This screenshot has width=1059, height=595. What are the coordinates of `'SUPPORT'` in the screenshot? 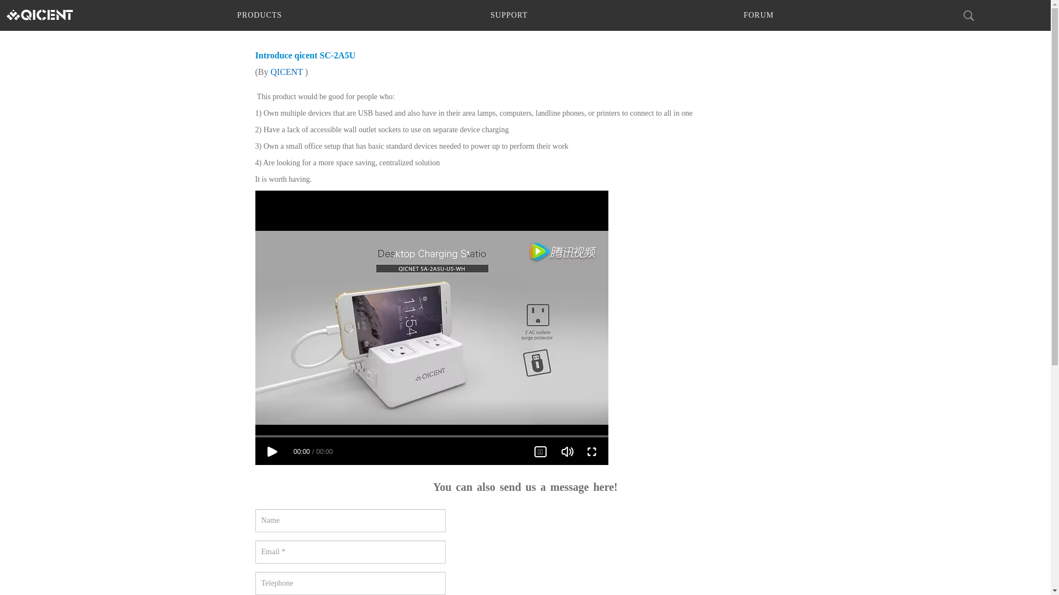 It's located at (508, 15).